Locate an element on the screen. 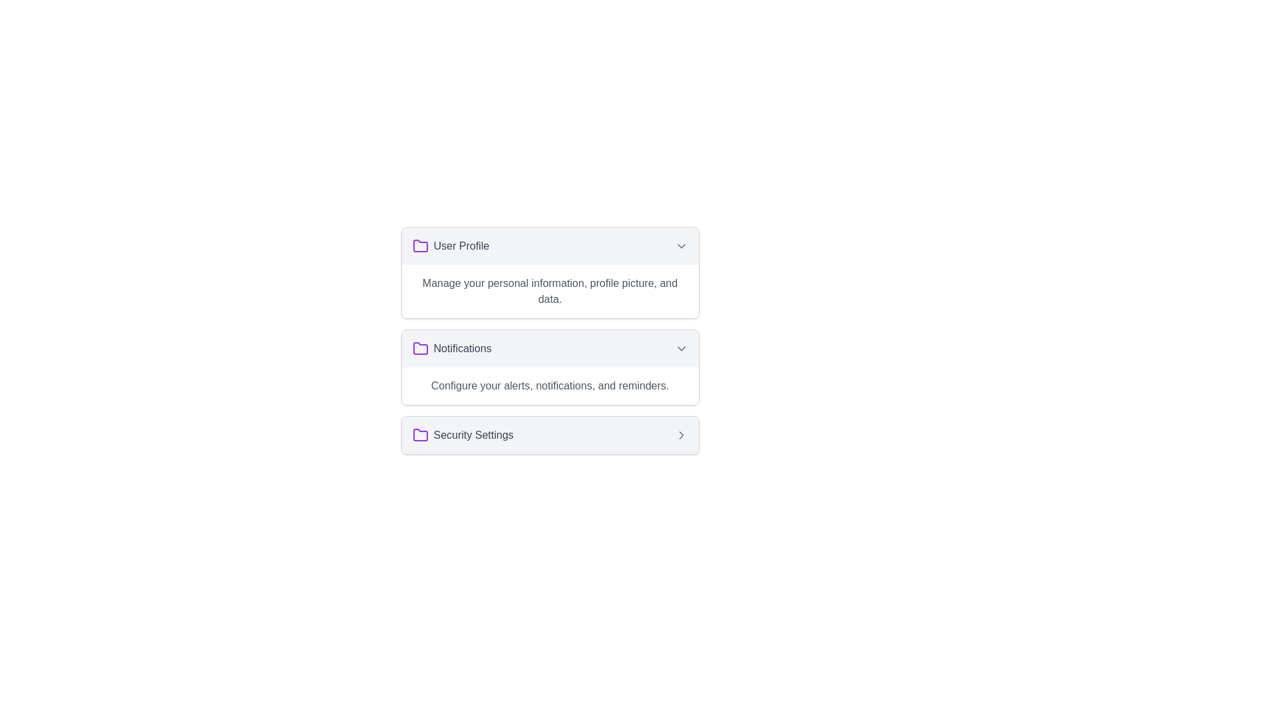 The image size is (1278, 719). the collapsible button for the 'Notifications' section is located at coordinates (550, 348).